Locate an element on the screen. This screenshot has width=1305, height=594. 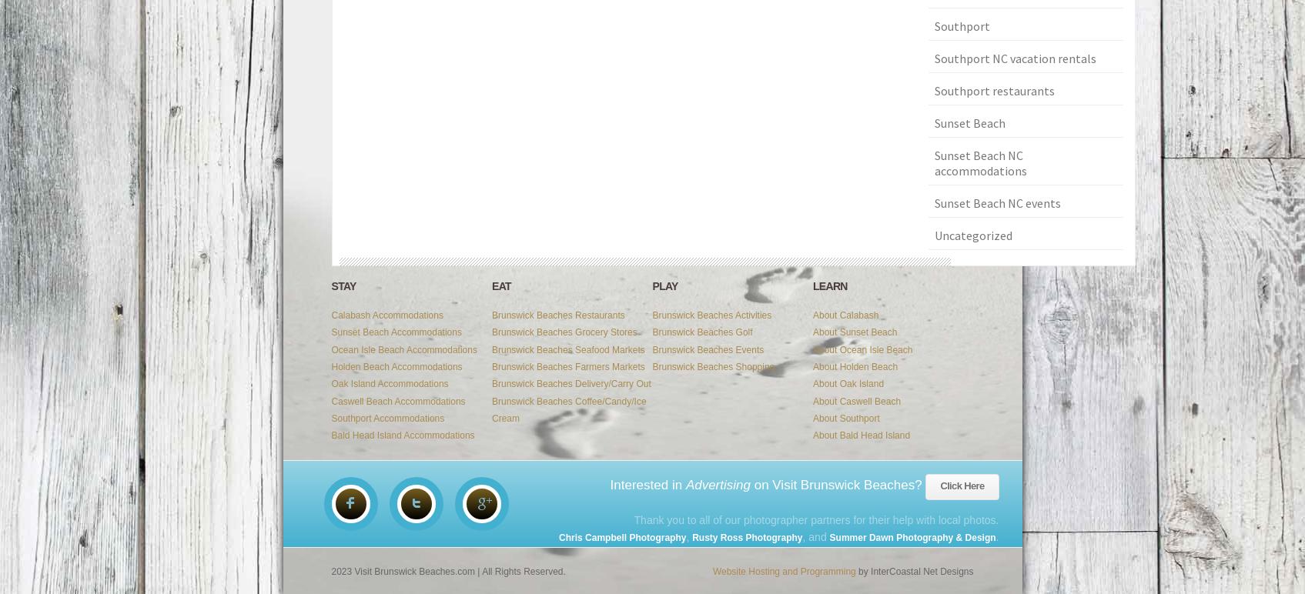
'EAT' is located at coordinates (491, 285).